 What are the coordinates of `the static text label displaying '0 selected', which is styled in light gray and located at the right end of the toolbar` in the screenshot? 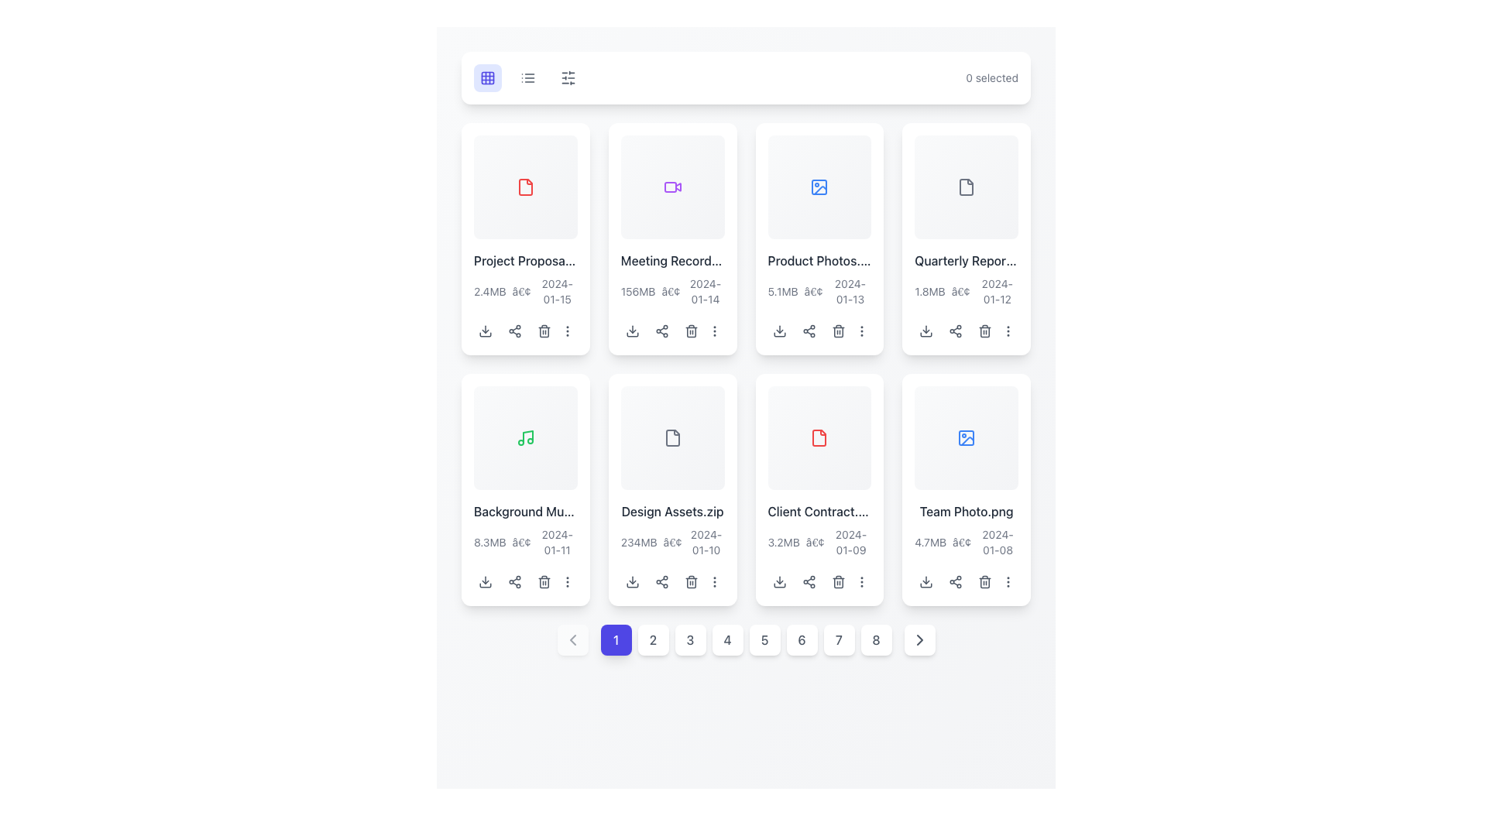 It's located at (992, 77).